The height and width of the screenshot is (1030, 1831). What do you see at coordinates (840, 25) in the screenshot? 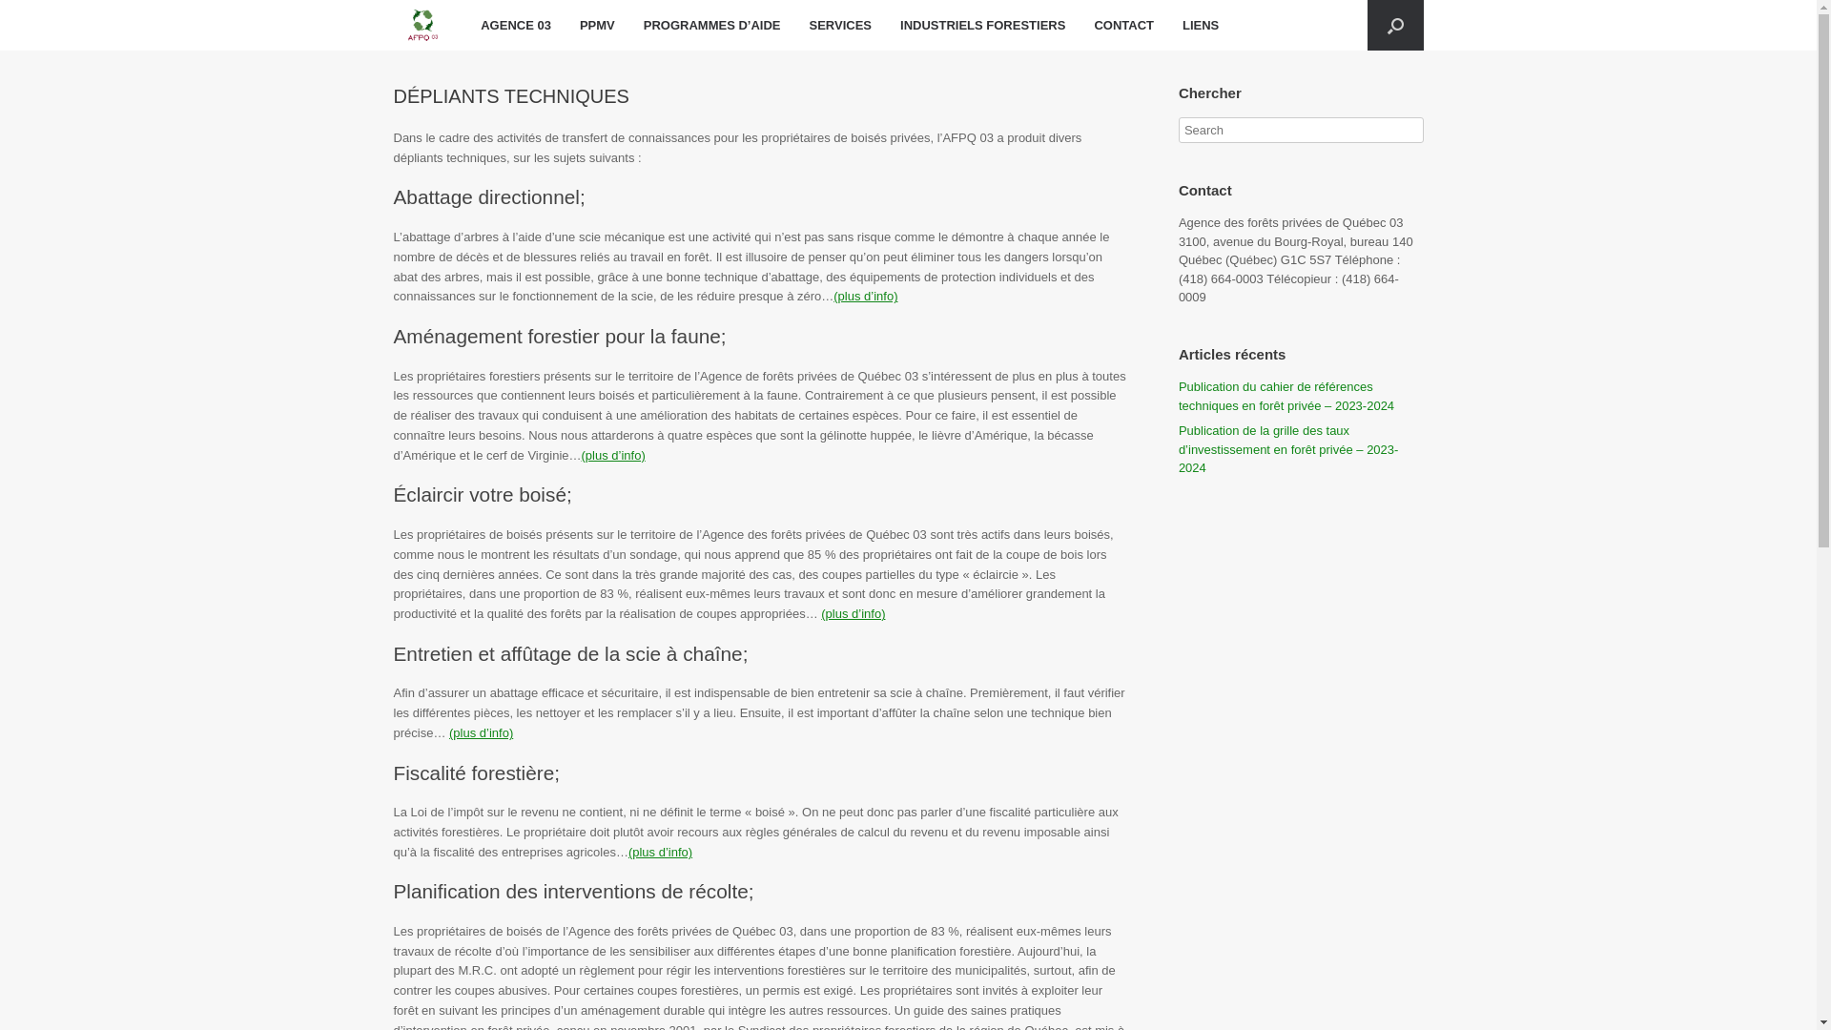
I see `'SERVICES'` at bounding box center [840, 25].